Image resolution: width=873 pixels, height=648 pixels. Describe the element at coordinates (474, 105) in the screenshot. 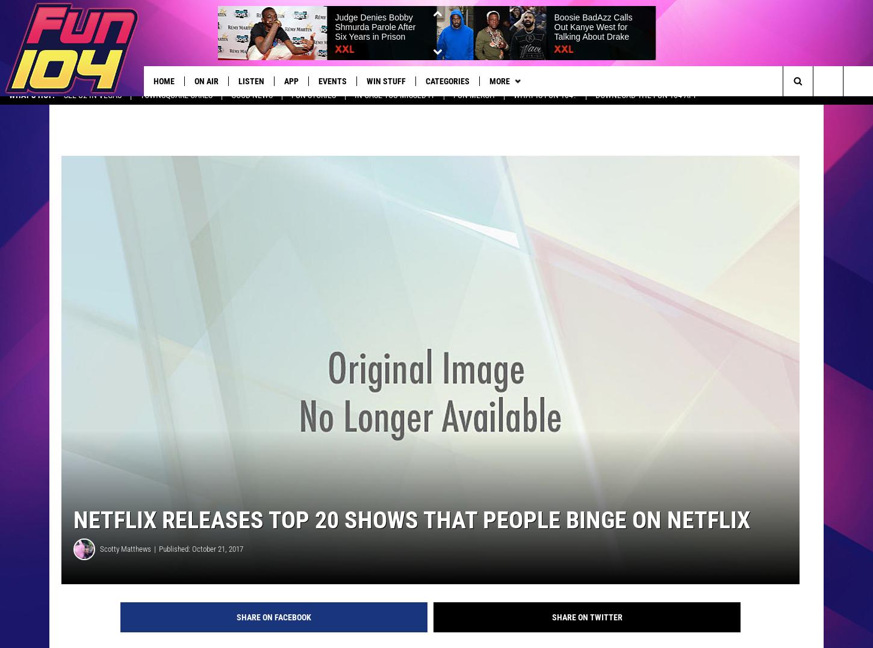

I see `'FUN MERCH'` at that location.